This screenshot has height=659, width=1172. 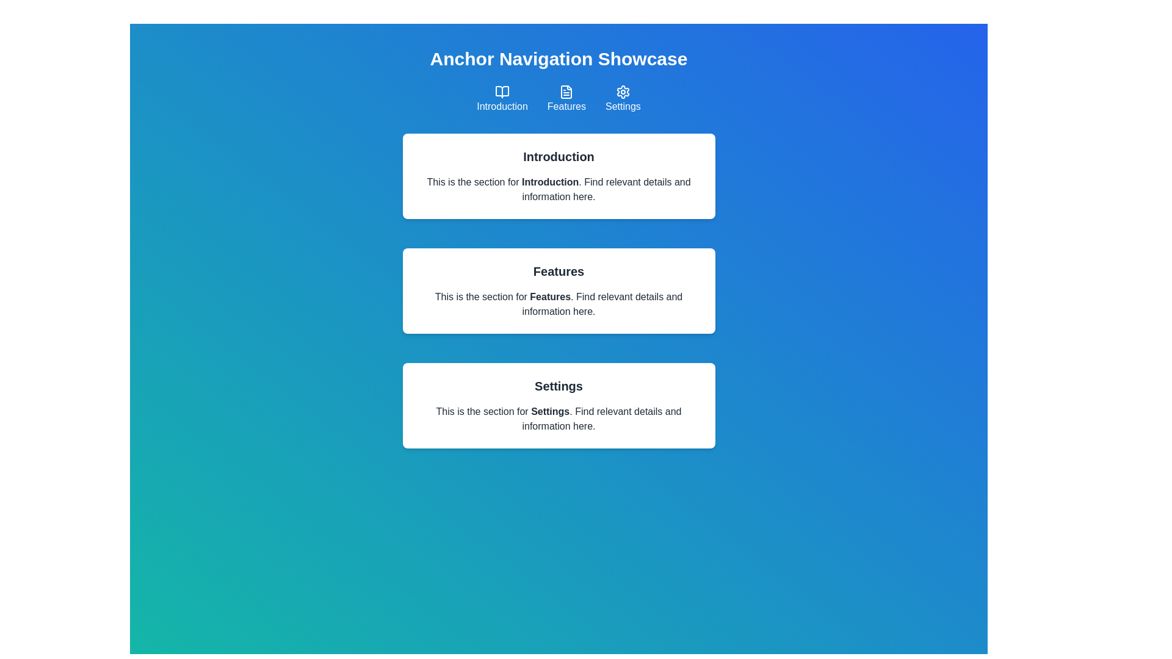 What do you see at coordinates (566, 91) in the screenshot?
I see `document icon vector graphic element located under the 'Features' label in the navigation bar by using the developer tools` at bounding box center [566, 91].